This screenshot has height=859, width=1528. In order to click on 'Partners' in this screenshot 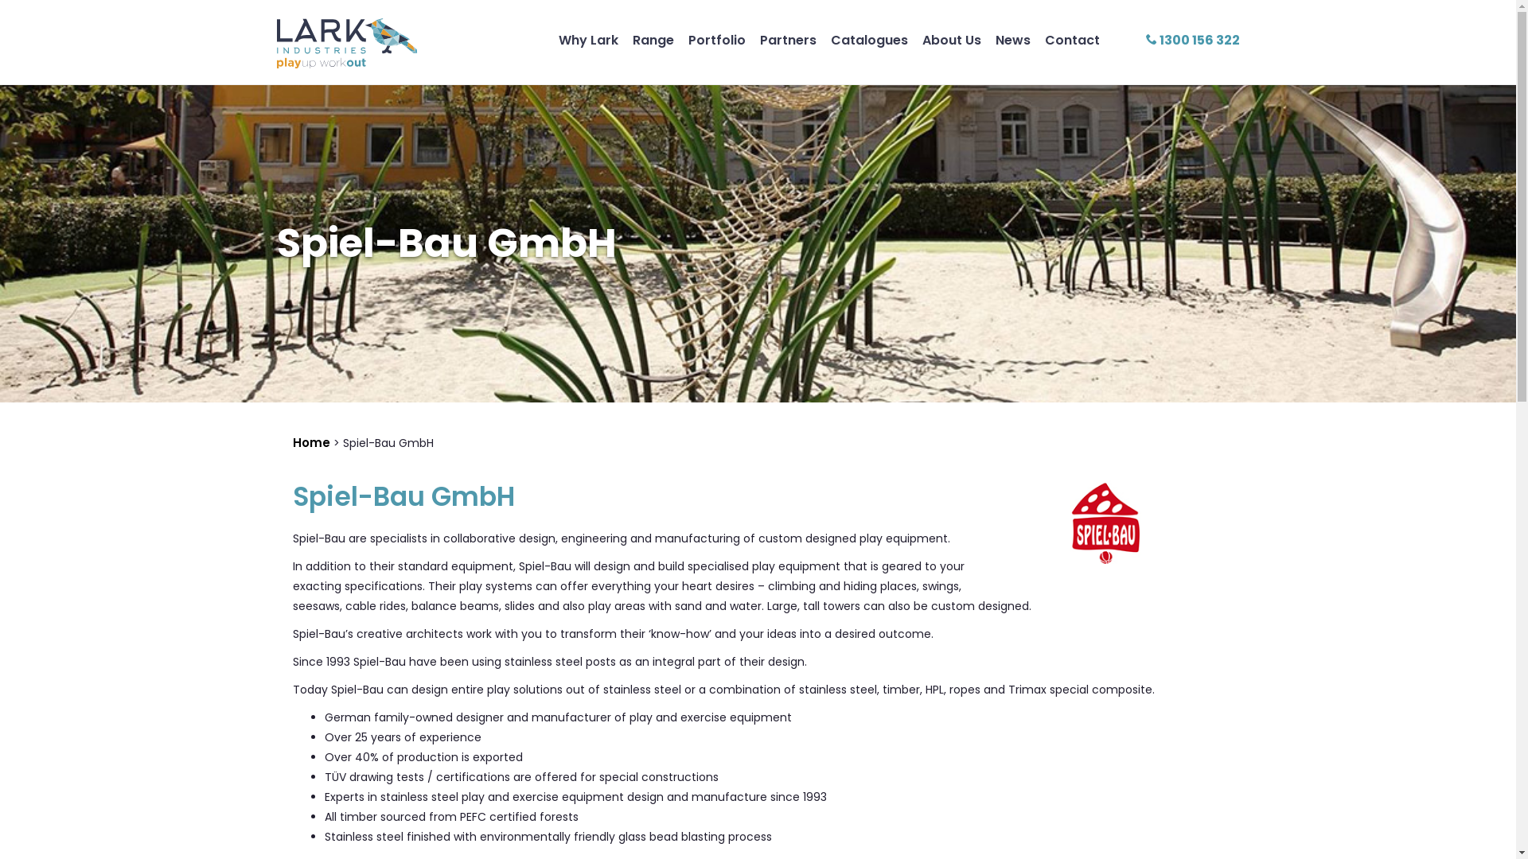, I will do `click(787, 39)`.